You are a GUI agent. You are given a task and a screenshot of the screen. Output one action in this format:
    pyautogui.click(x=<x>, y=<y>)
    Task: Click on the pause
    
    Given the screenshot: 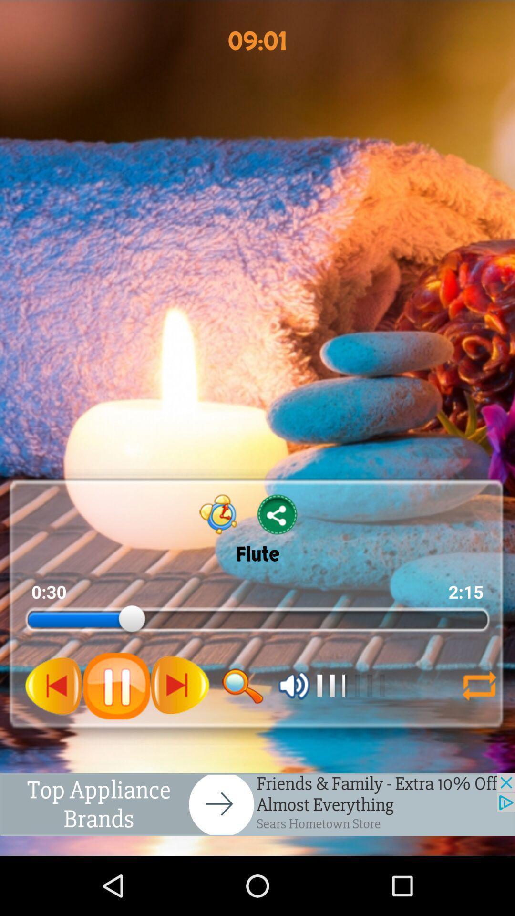 What is the action you would take?
    pyautogui.click(x=116, y=686)
    